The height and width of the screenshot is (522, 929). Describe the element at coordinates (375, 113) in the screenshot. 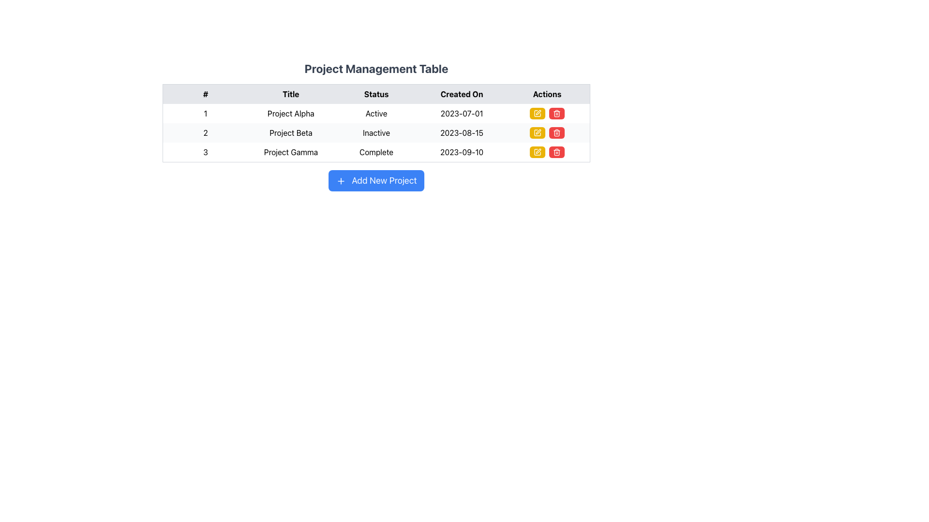

I see `the first row of the 'Project Management Table' containing 'Project Alpha' to edit its details` at that location.